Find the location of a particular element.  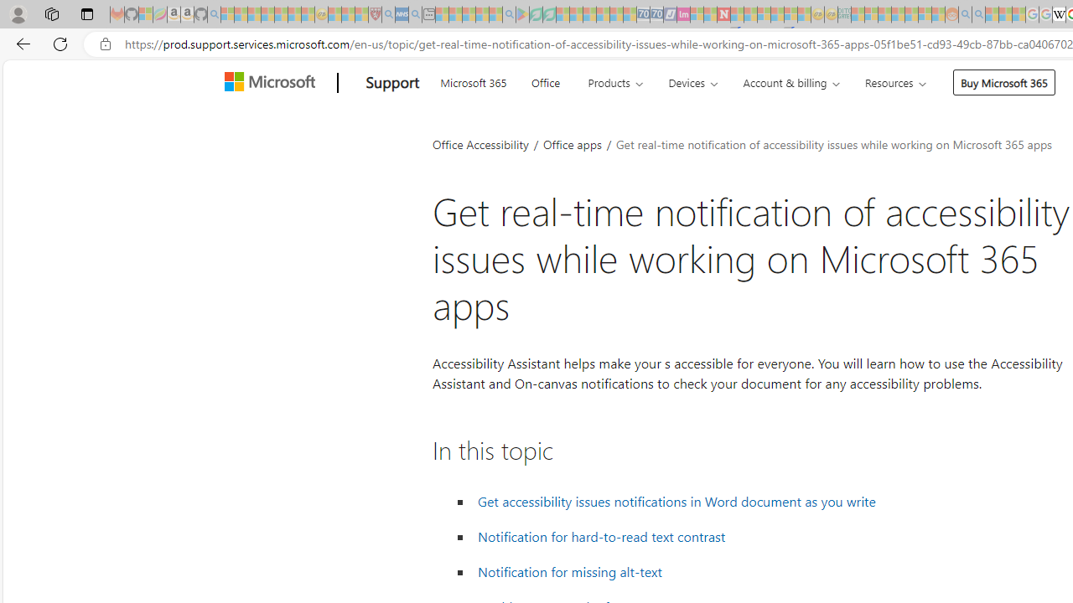

'utah sues federal government - Search - Sleeping' is located at coordinates (415, 14).